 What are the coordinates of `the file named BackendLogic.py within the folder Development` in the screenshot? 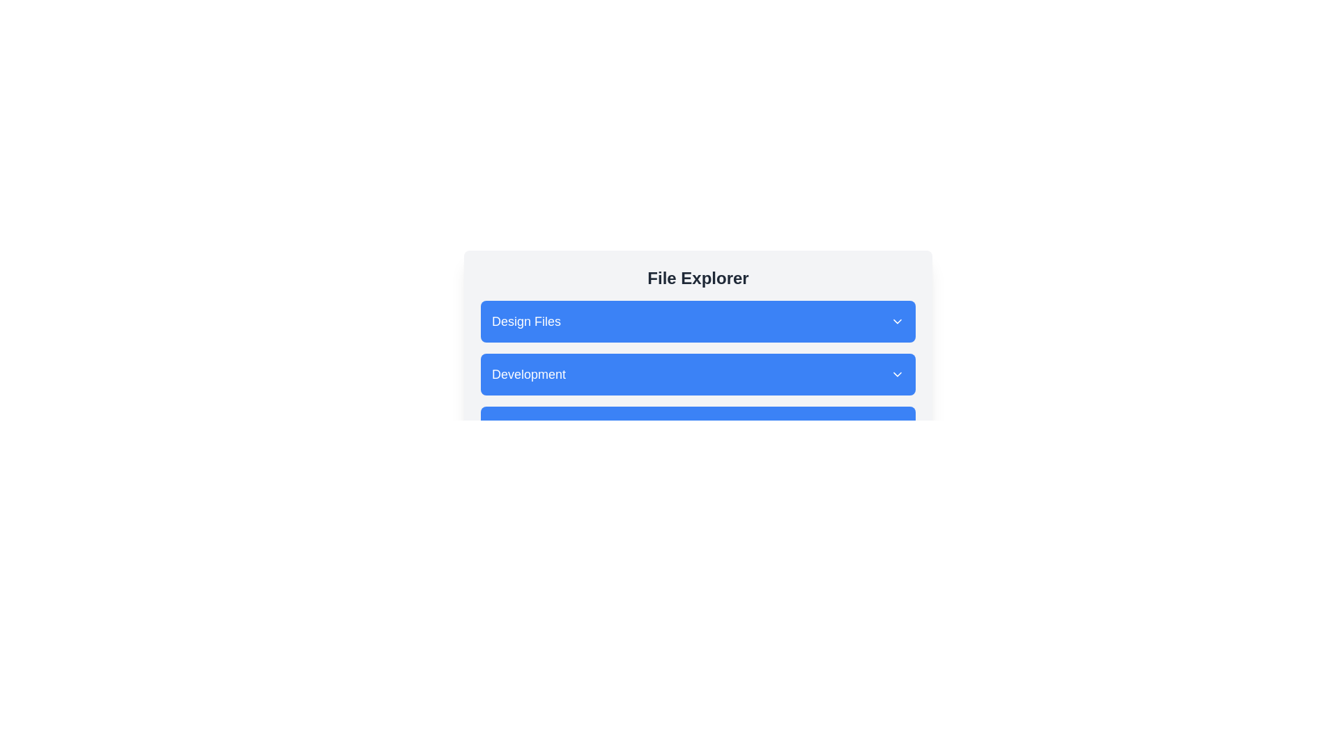 It's located at (698, 373).